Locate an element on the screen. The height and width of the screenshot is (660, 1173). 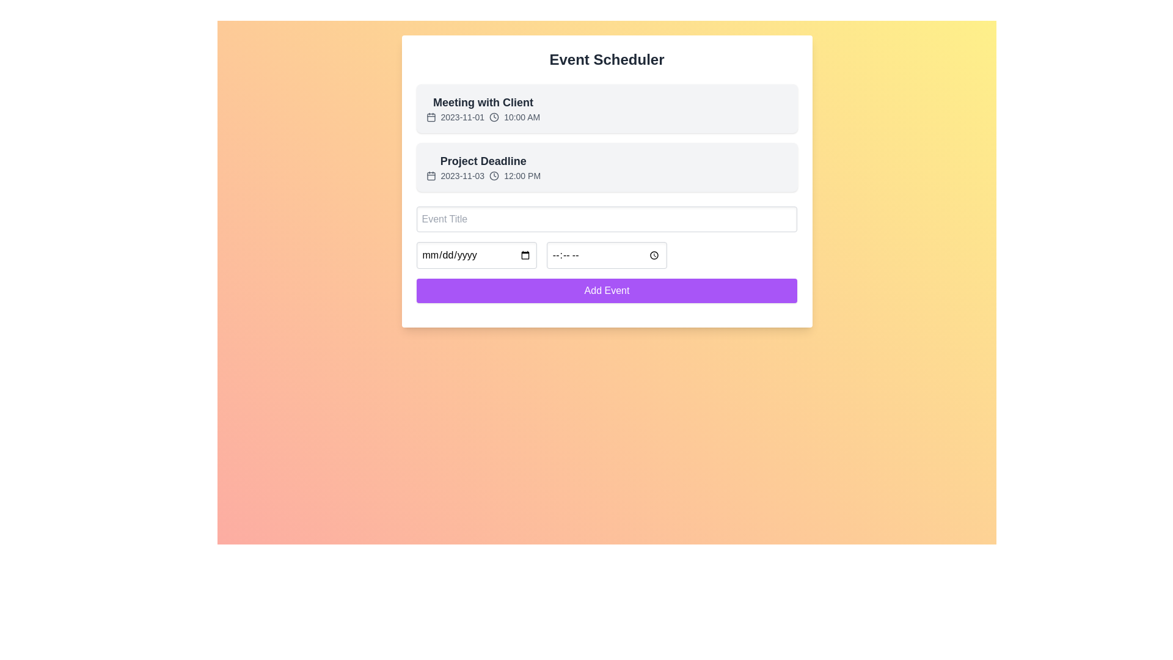
the calendar icon located in the second entry of the event list for 'Project Deadline', positioned to the left of the event date and time information is located at coordinates (431, 176).